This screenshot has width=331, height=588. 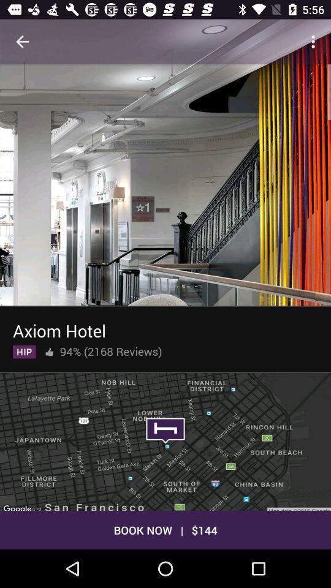 I want to click on axiom hotel item, so click(x=58, y=328).